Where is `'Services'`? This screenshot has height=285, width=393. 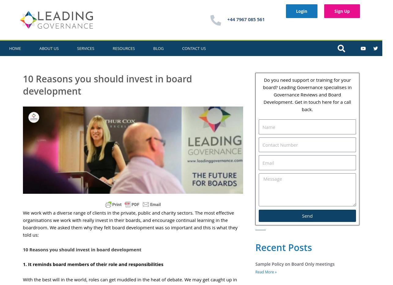 'Services' is located at coordinates (85, 48).